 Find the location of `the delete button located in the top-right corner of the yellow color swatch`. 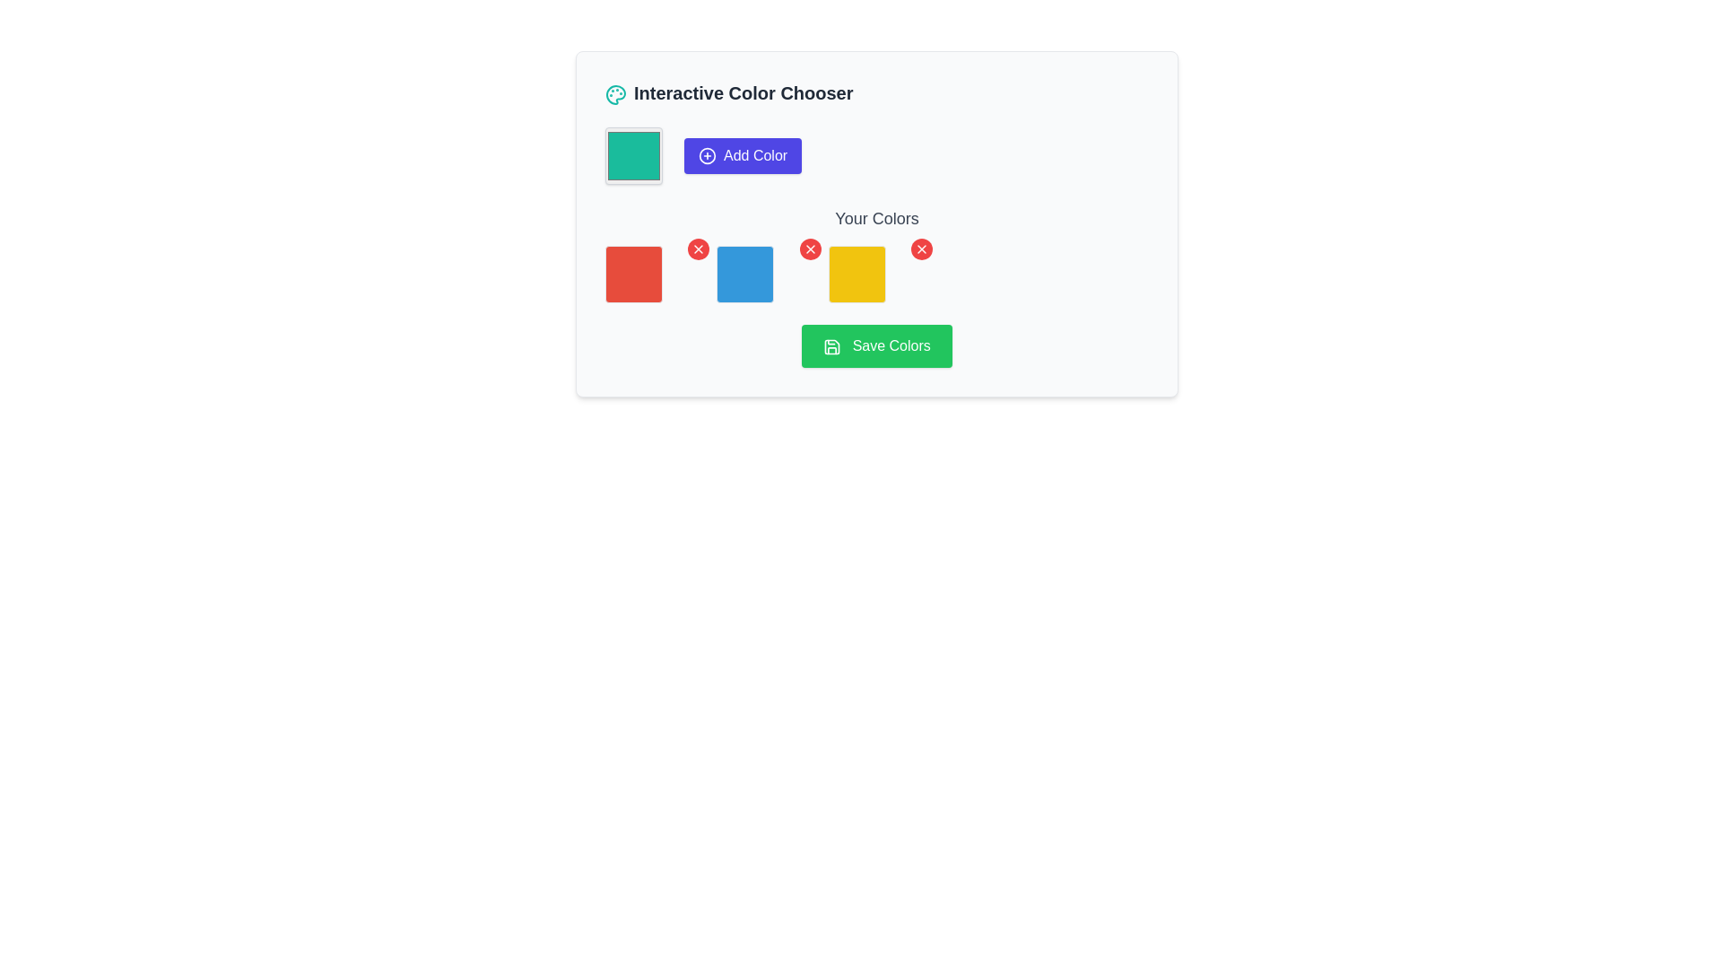

the delete button located in the top-right corner of the yellow color swatch is located at coordinates (922, 249).